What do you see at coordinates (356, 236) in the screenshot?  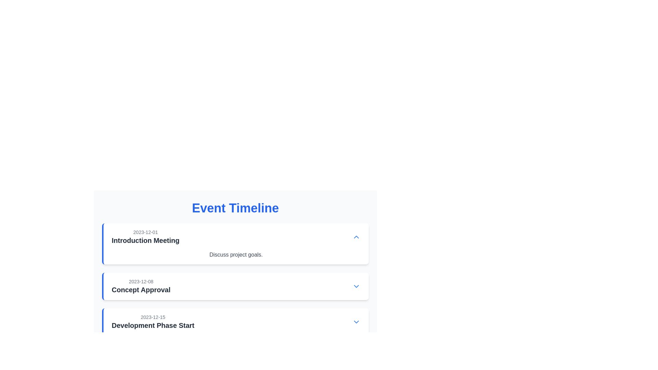 I see `the toggle button at the far right of the 'Introduction Meeting' section` at bounding box center [356, 236].